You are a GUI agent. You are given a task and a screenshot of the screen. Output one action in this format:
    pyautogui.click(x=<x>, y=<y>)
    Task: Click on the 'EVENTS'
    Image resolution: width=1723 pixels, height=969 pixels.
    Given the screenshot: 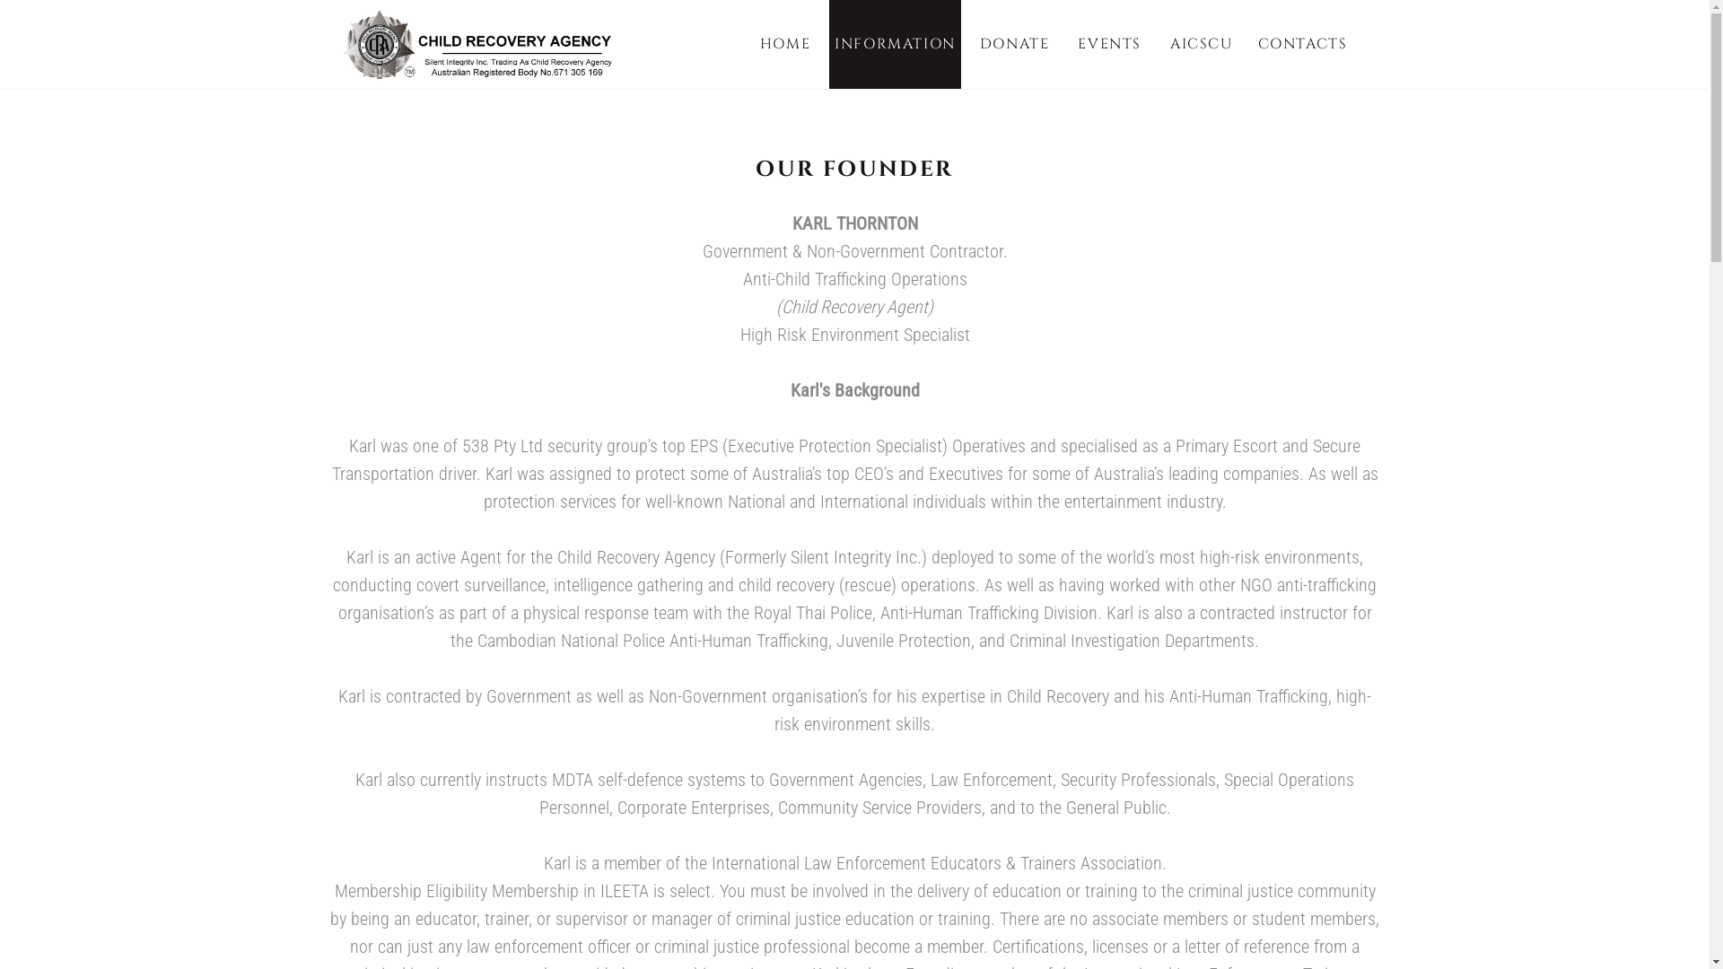 What is the action you would take?
    pyautogui.click(x=1108, y=43)
    